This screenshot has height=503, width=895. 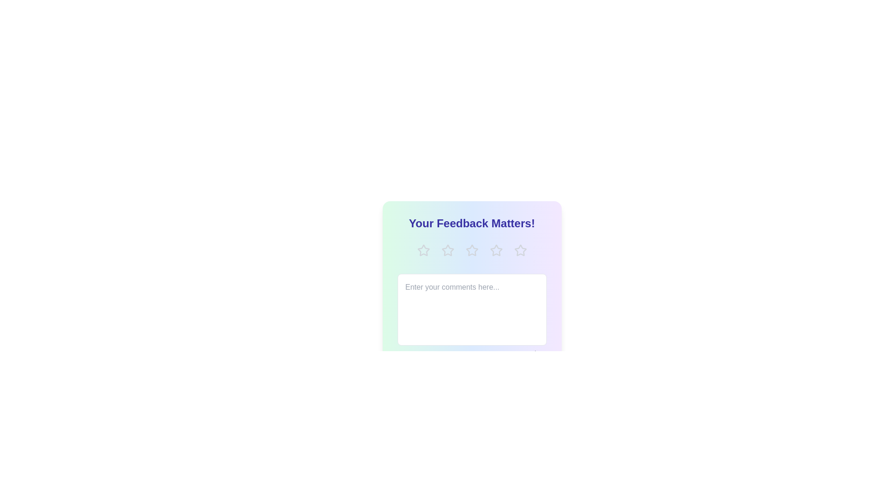 I want to click on the rating to 1 stars by clicking on the corresponding star, so click(x=423, y=250).